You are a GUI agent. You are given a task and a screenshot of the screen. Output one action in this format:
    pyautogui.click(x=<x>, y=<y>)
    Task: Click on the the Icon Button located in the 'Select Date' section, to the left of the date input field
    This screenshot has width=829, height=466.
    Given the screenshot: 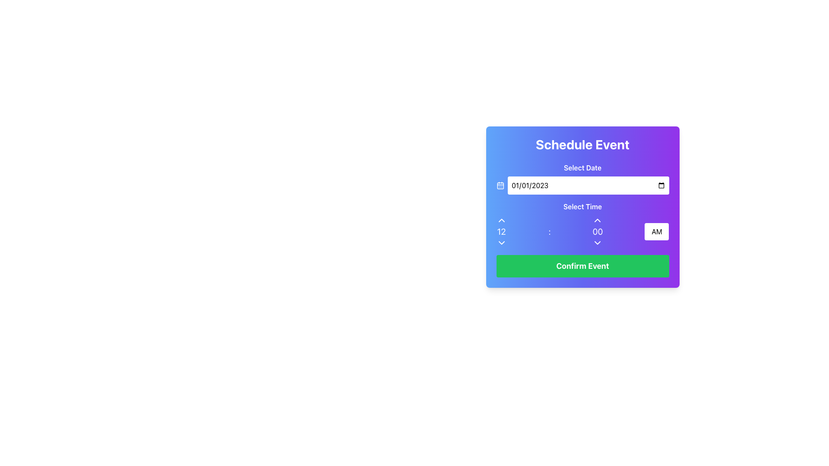 What is the action you would take?
    pyautogui.click(x=500, y=185)
    